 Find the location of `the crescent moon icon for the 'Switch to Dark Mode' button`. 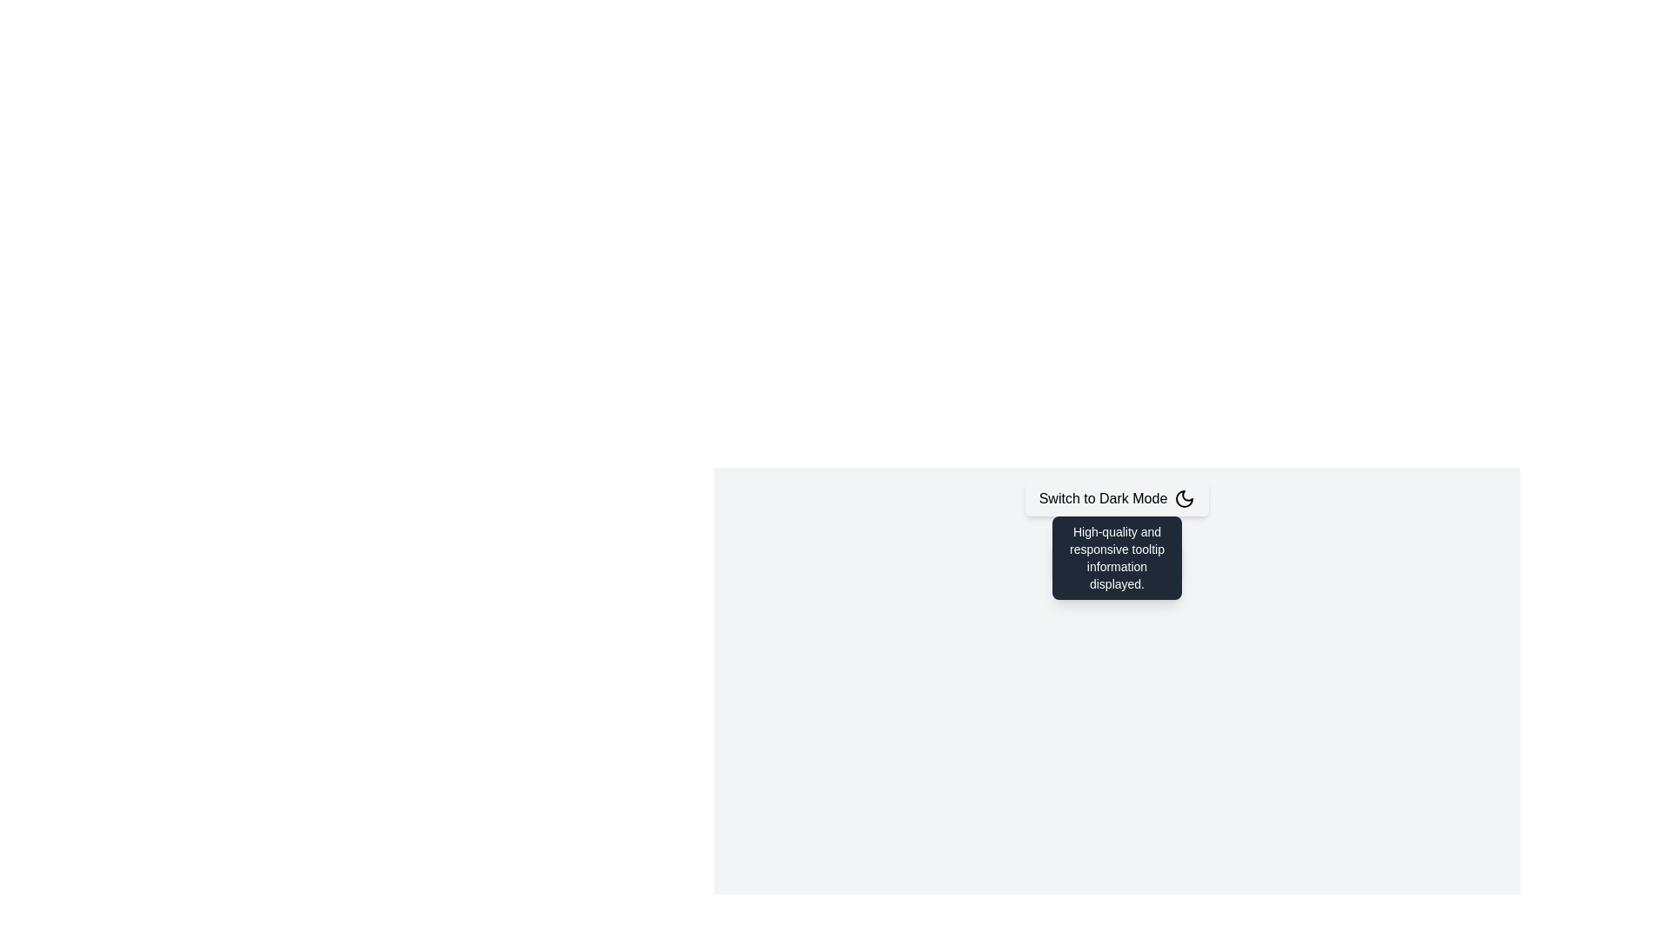

the crescent moon icon for the 'Switch to Dark Mode' button is located at coordinates (1184, 499).